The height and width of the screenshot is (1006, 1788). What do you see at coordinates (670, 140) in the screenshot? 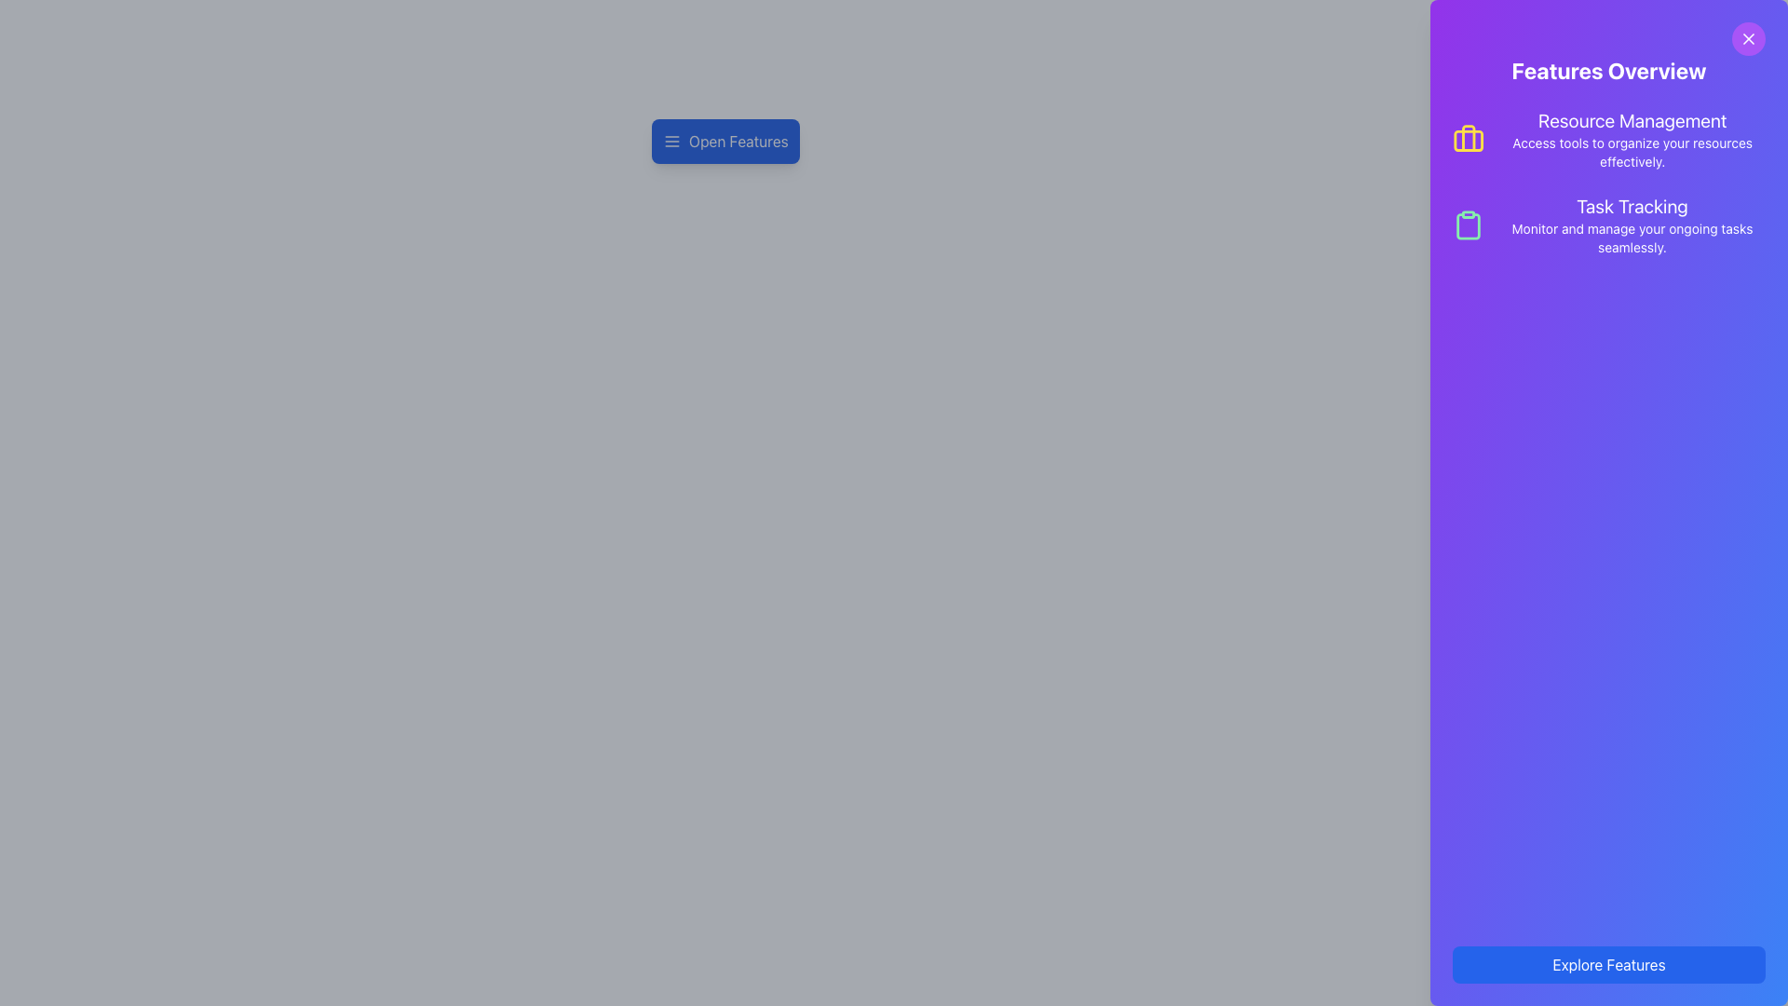
I see `the menu icon located at the leftmost side of the 'Open Features' button` at bounding box center [670, 140].